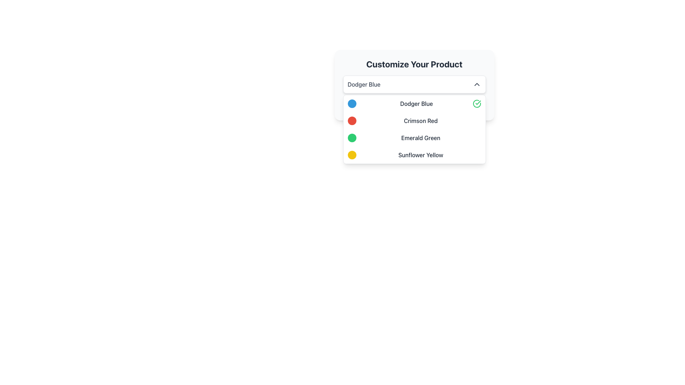 This screenshot has width=685, height=385. I want to click on the text label displaying 'Sunflower Yellow', which is the fourth option in a dropdown menu, styled with gray text color and a medium font weight, so click(421, 155).